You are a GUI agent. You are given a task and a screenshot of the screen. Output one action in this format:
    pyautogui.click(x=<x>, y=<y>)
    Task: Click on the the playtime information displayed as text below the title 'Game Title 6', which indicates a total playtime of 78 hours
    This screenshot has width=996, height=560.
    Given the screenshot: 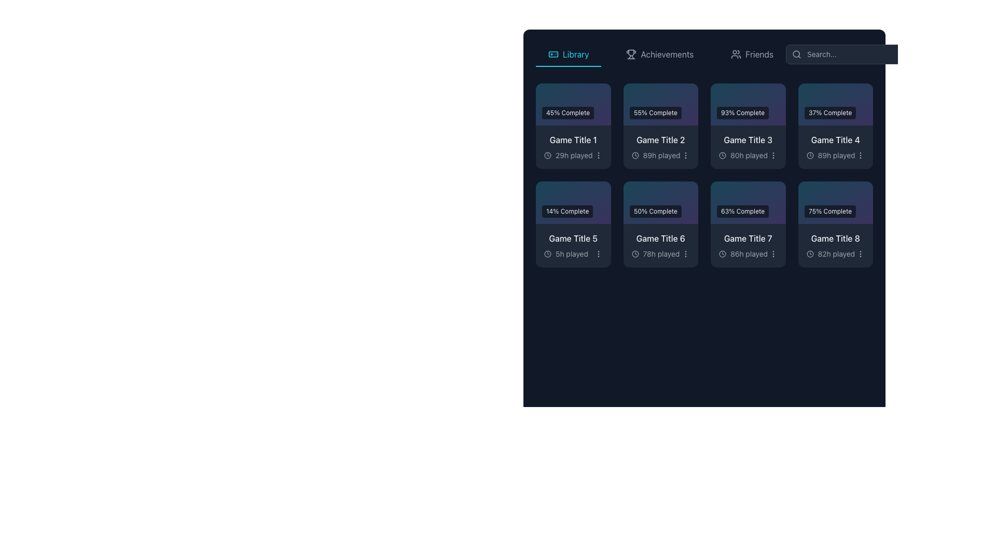 What is the action you would take?
    pyautogui.click(x=660, y=254)
    